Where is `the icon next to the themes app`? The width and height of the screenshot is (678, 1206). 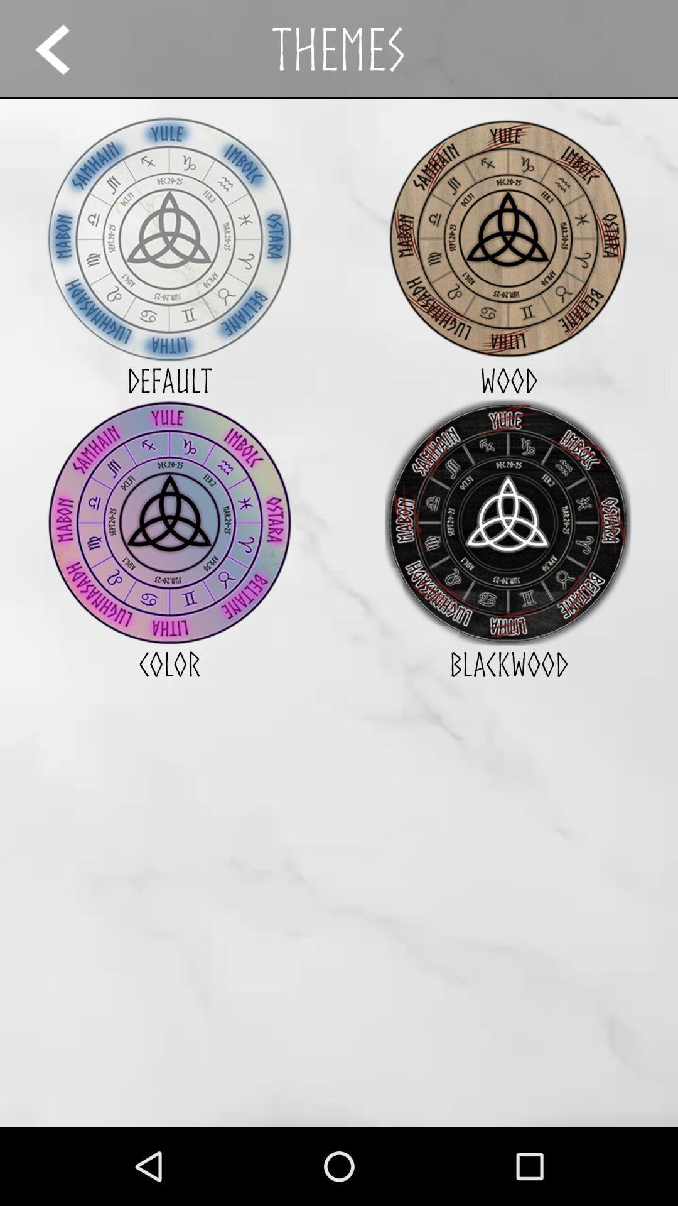 the icon next to the themes app is located at coordinates (64, 49).